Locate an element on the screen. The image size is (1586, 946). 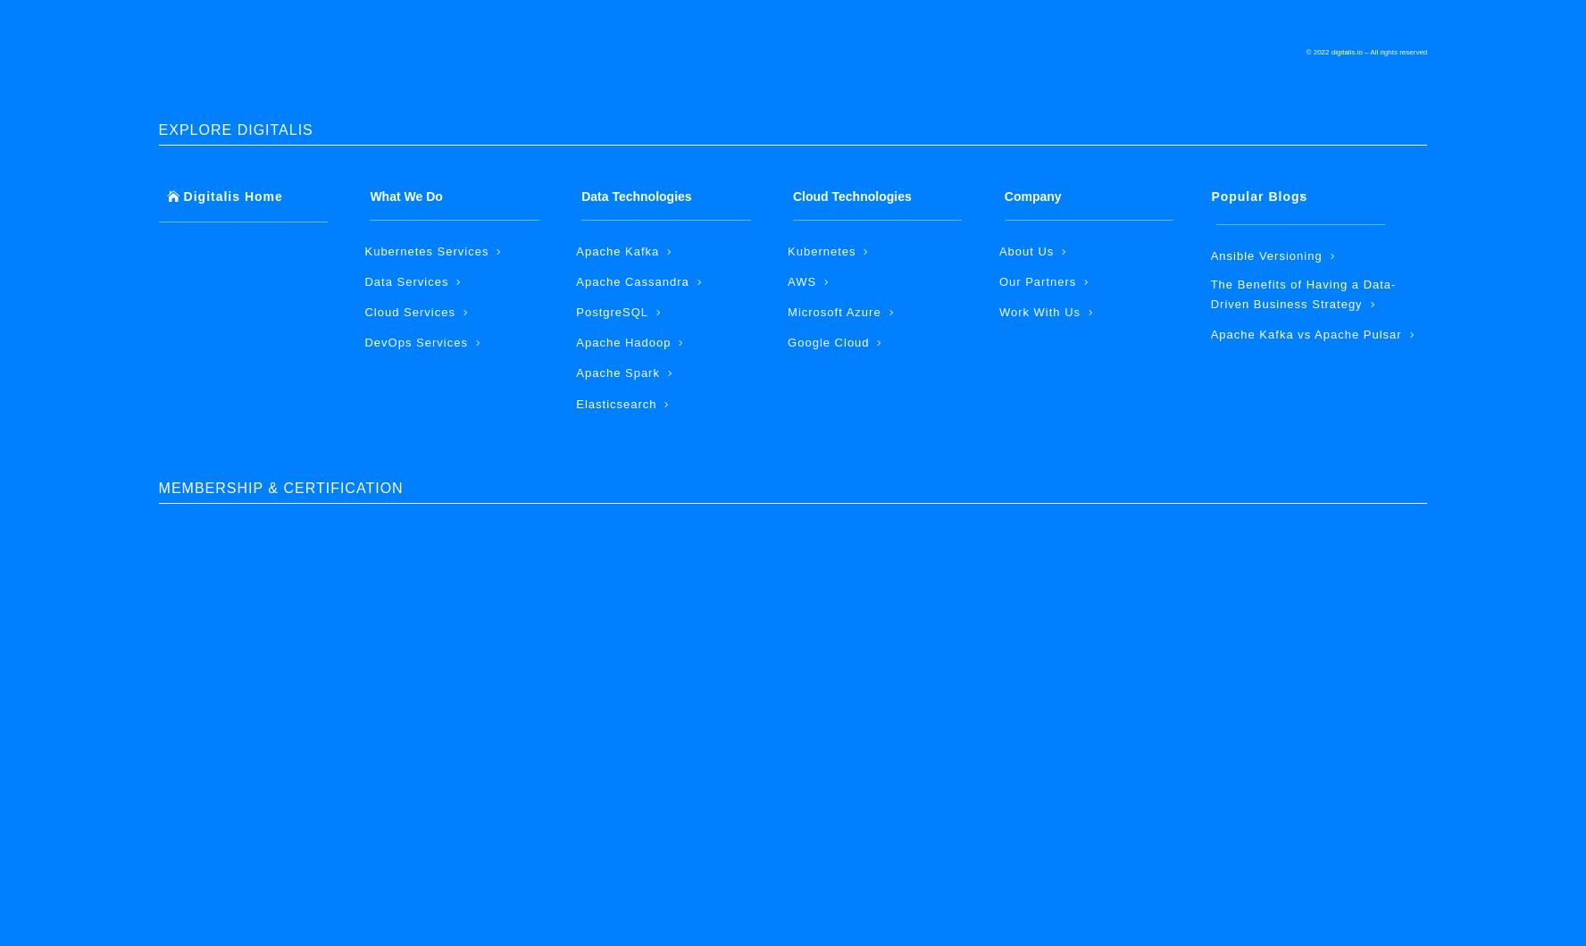
'DevOps Services' is located at coordinates (414, 341).